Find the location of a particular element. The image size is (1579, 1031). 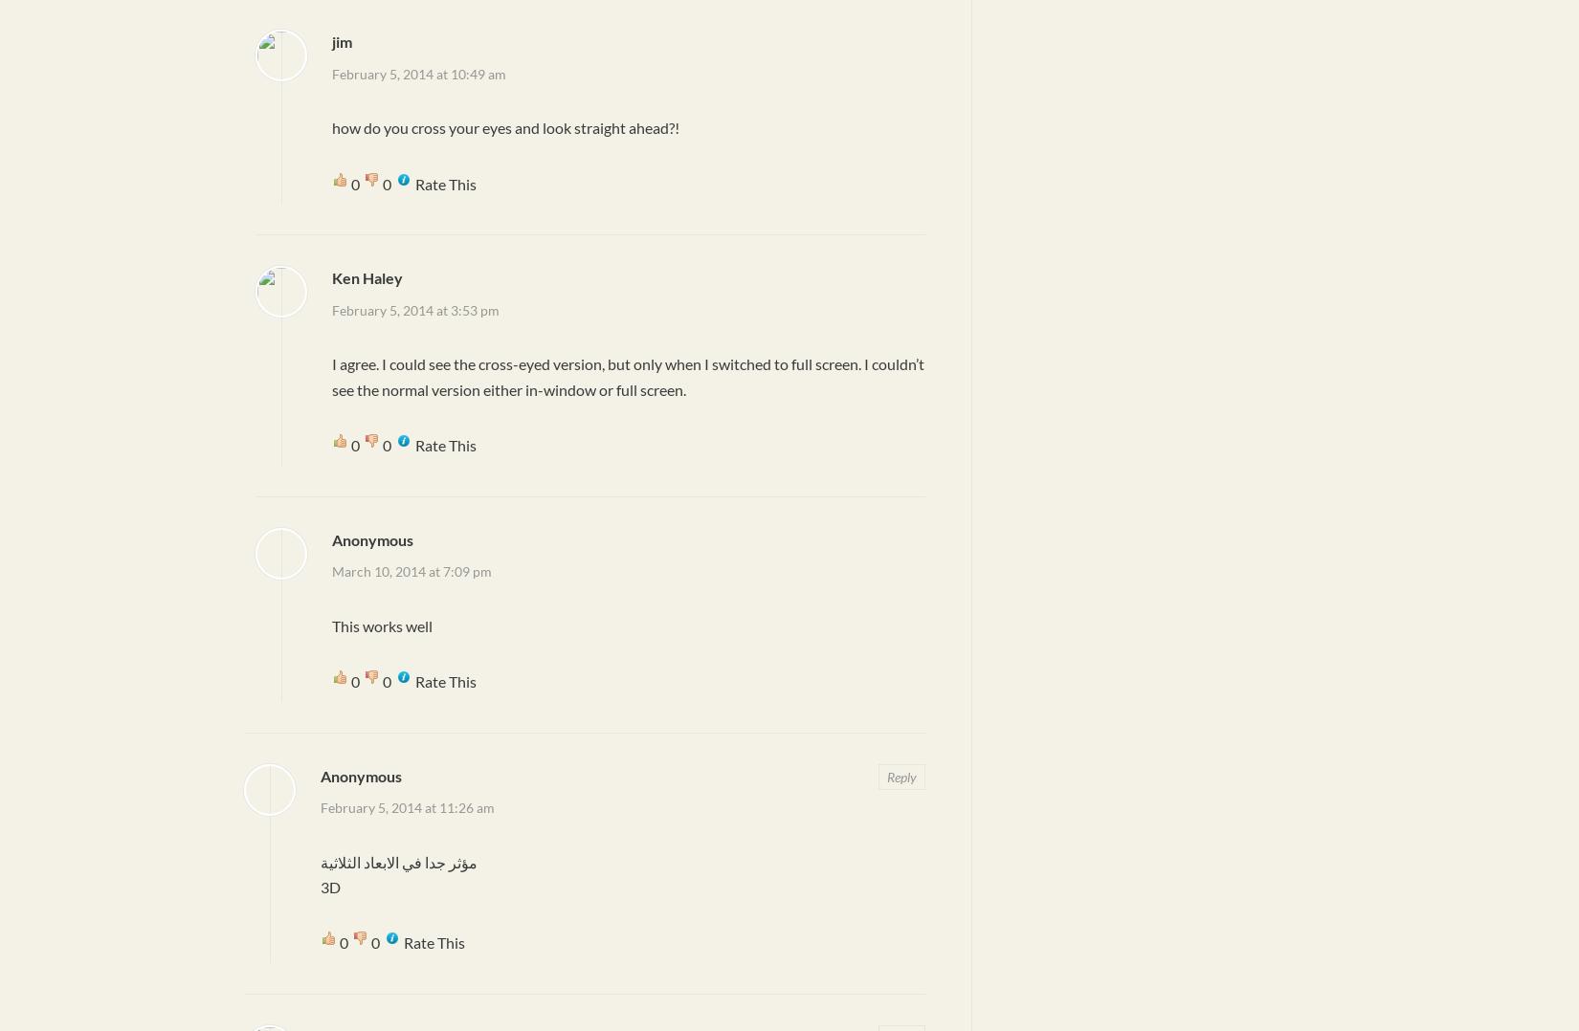

'February 5, 2014 at 3:53 pm' is located at coordinates (414, 308).